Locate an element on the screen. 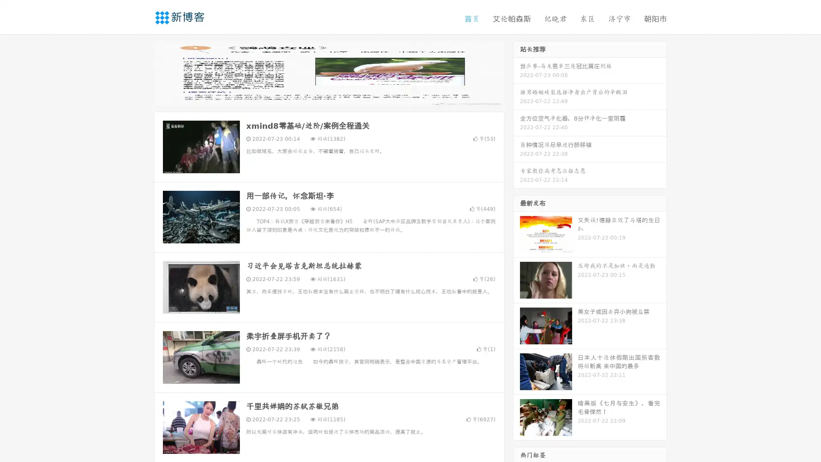  Next slide is located at coordinates (517, 72).